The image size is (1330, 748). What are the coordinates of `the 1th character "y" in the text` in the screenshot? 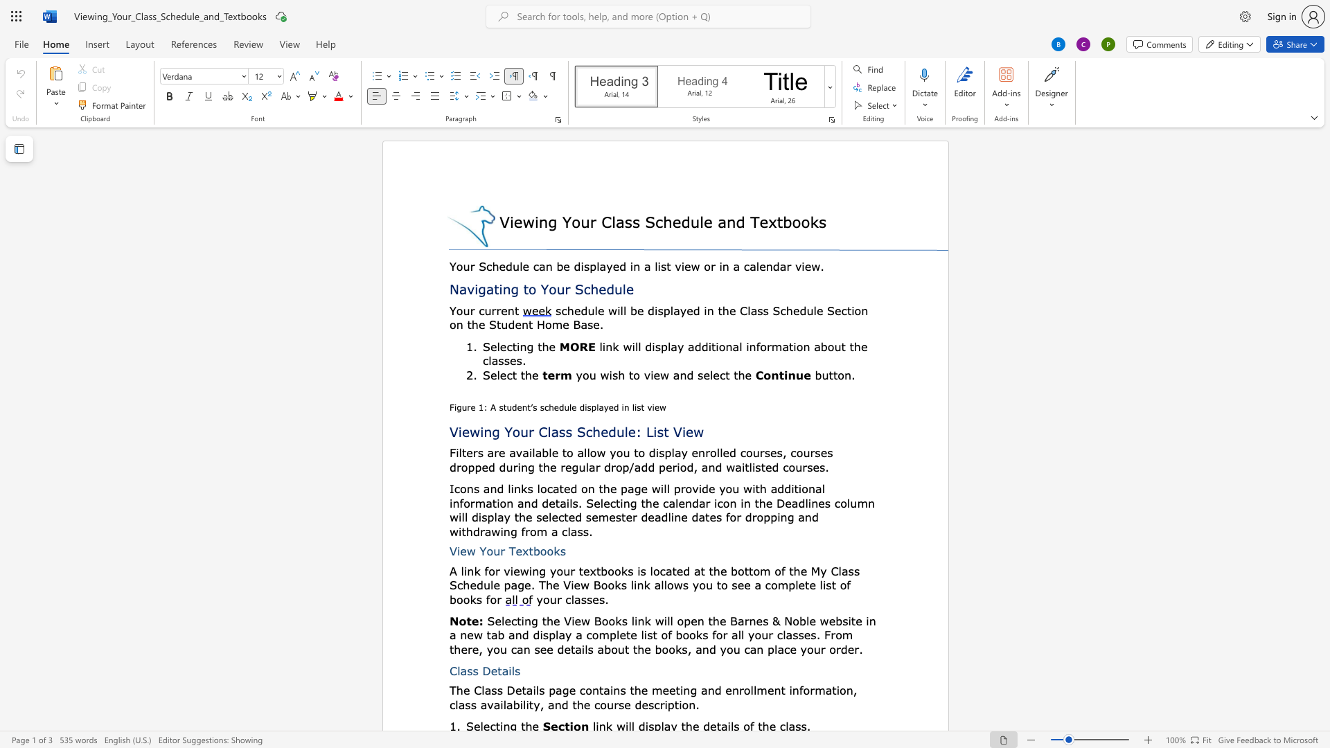 It's located at (824, 571).